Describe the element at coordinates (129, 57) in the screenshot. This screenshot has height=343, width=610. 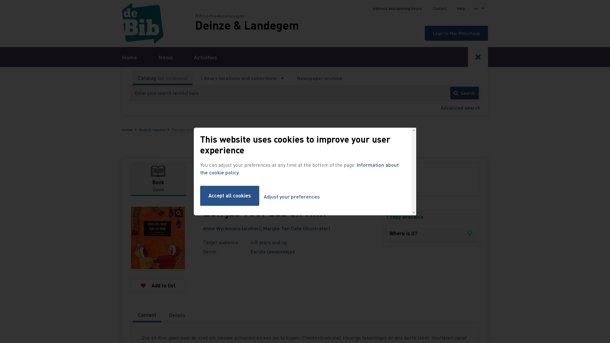
I see `'Home'` at that location.